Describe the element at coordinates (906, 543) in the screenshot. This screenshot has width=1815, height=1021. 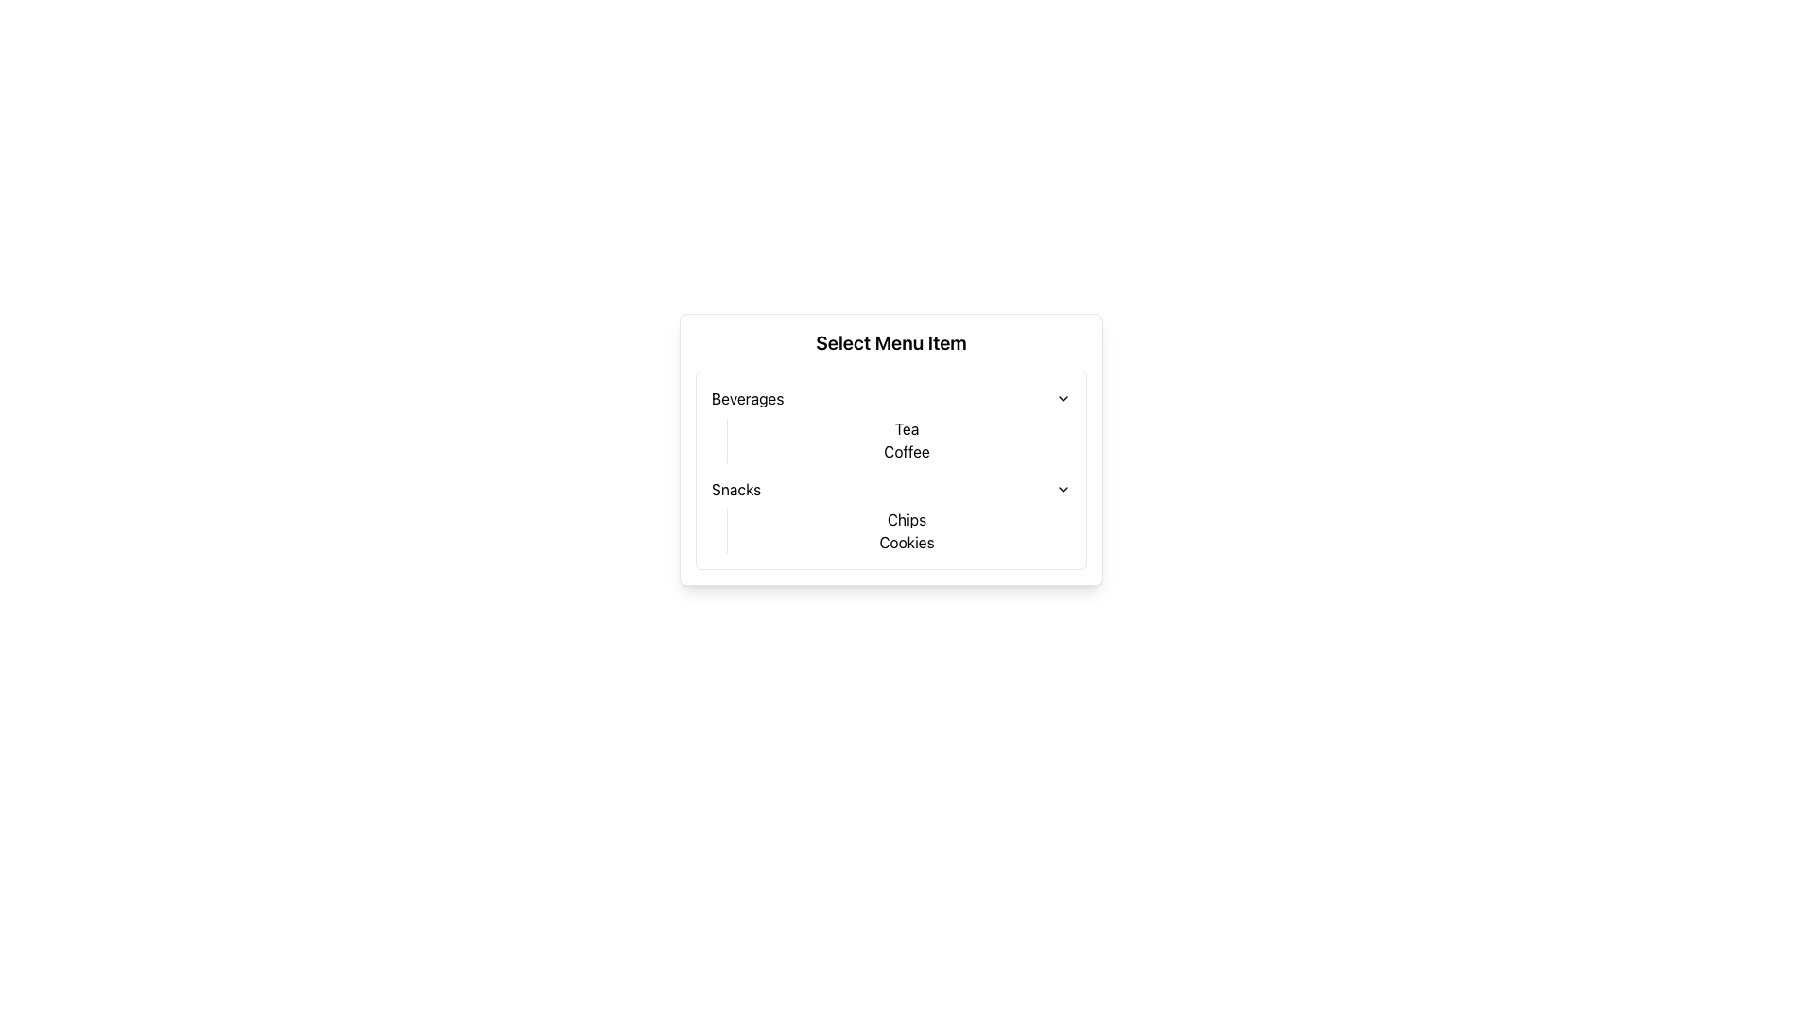
I see `the static Text label indicating an option related to snacks in the menu, which is the second item under the 'Snacks' category` at that location.